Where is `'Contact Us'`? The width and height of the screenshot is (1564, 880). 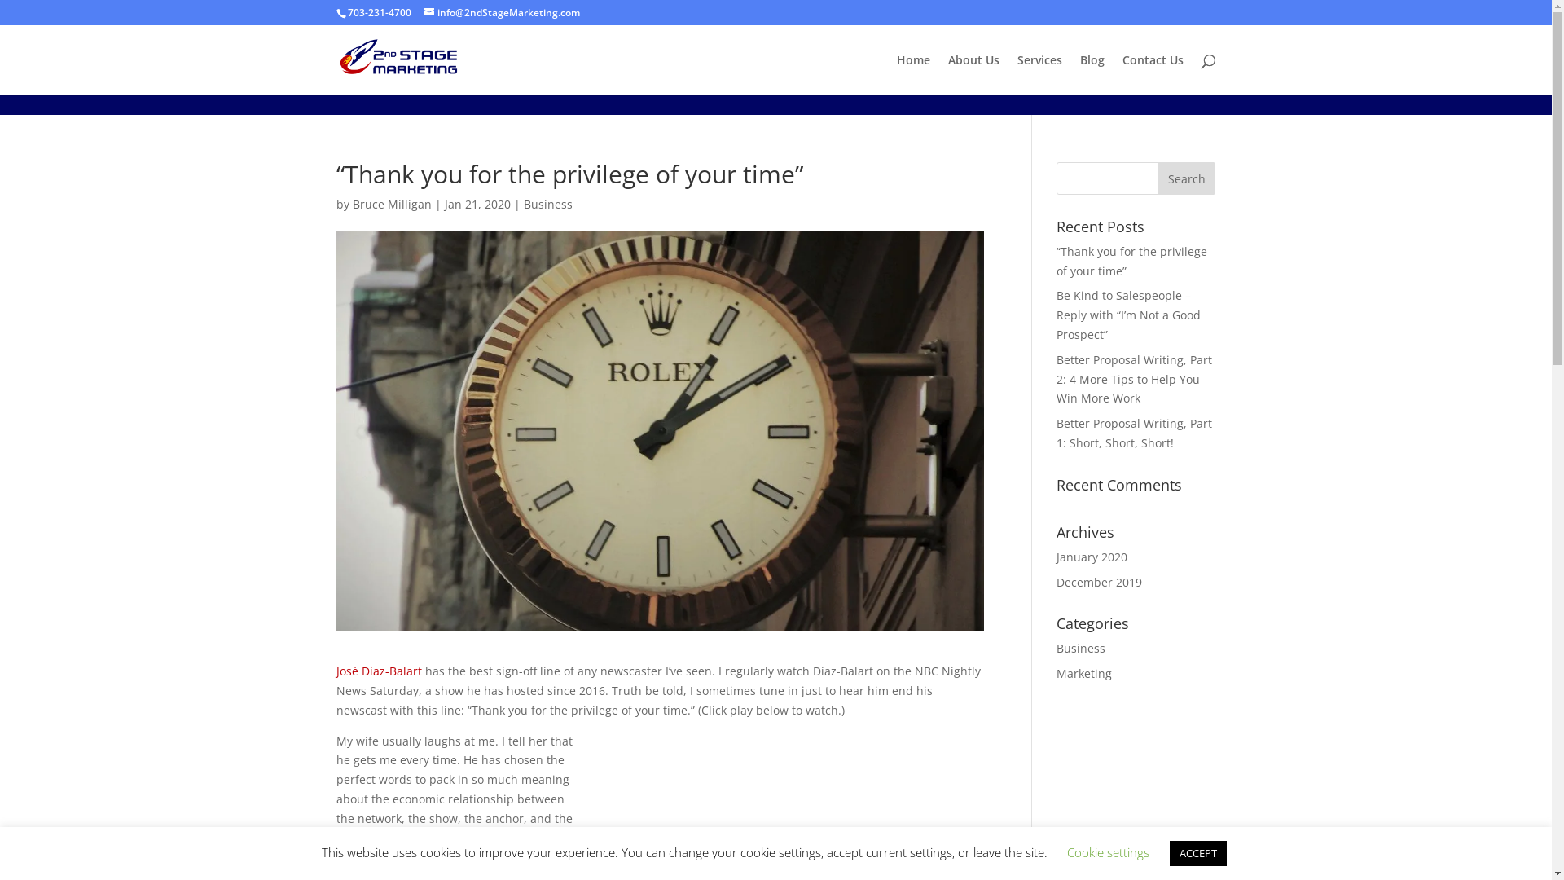
'Contact Us' is located at coordinates (1121, 75).